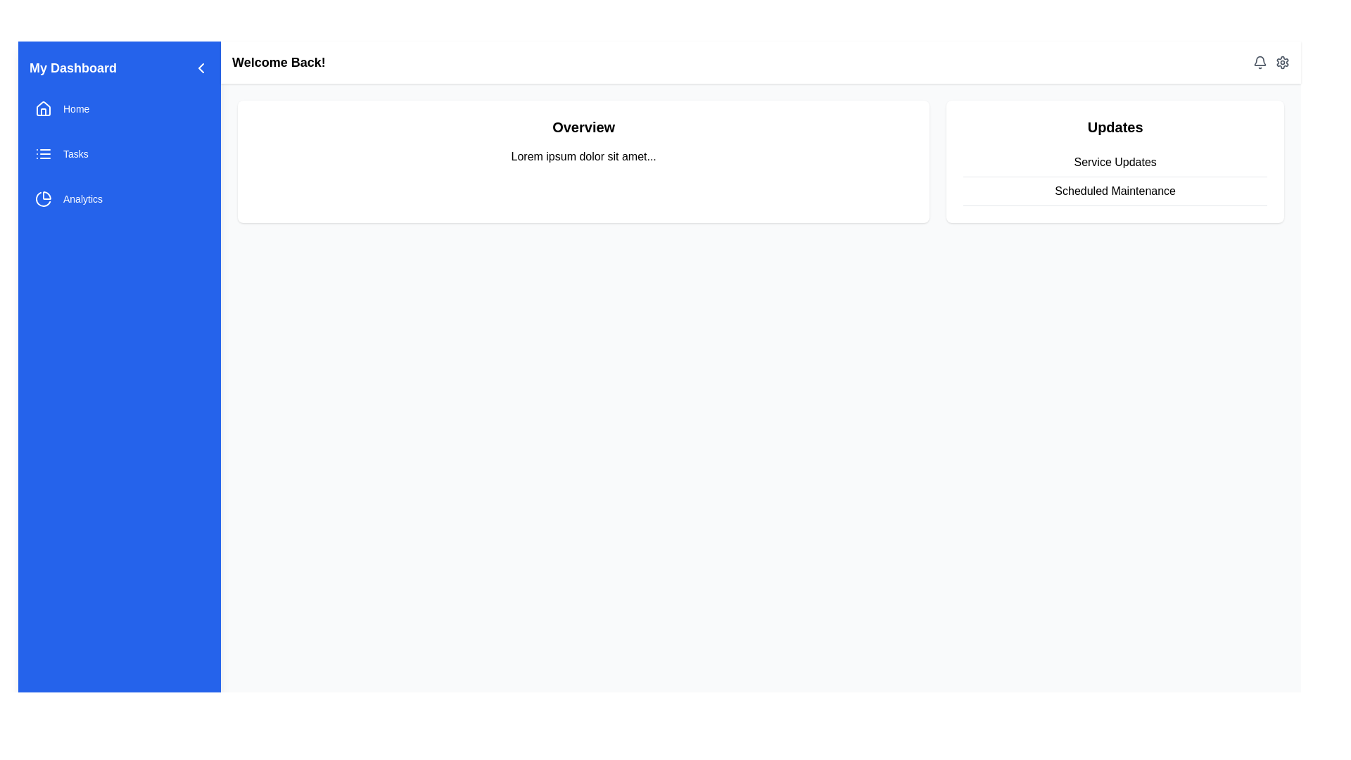  Describe the element at coordinates (75, 108) in the screenshot. I see `the 'Home' text label in the navigation menu` at that location.